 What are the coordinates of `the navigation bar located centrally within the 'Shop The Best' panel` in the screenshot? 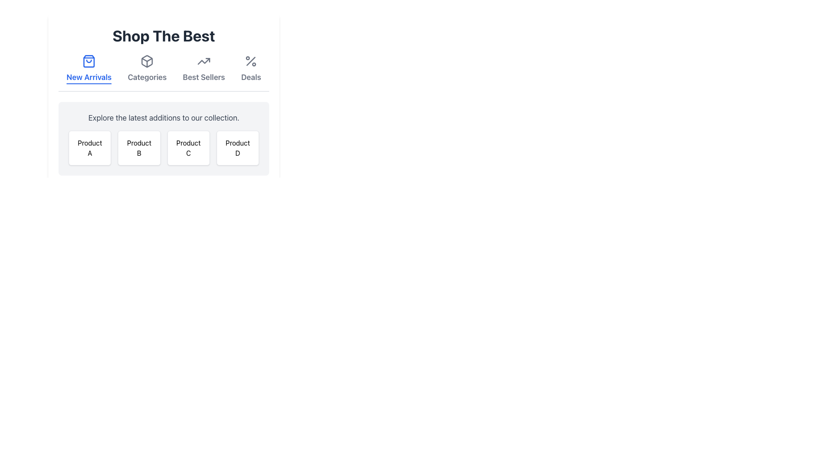 It's located at (164, 73).